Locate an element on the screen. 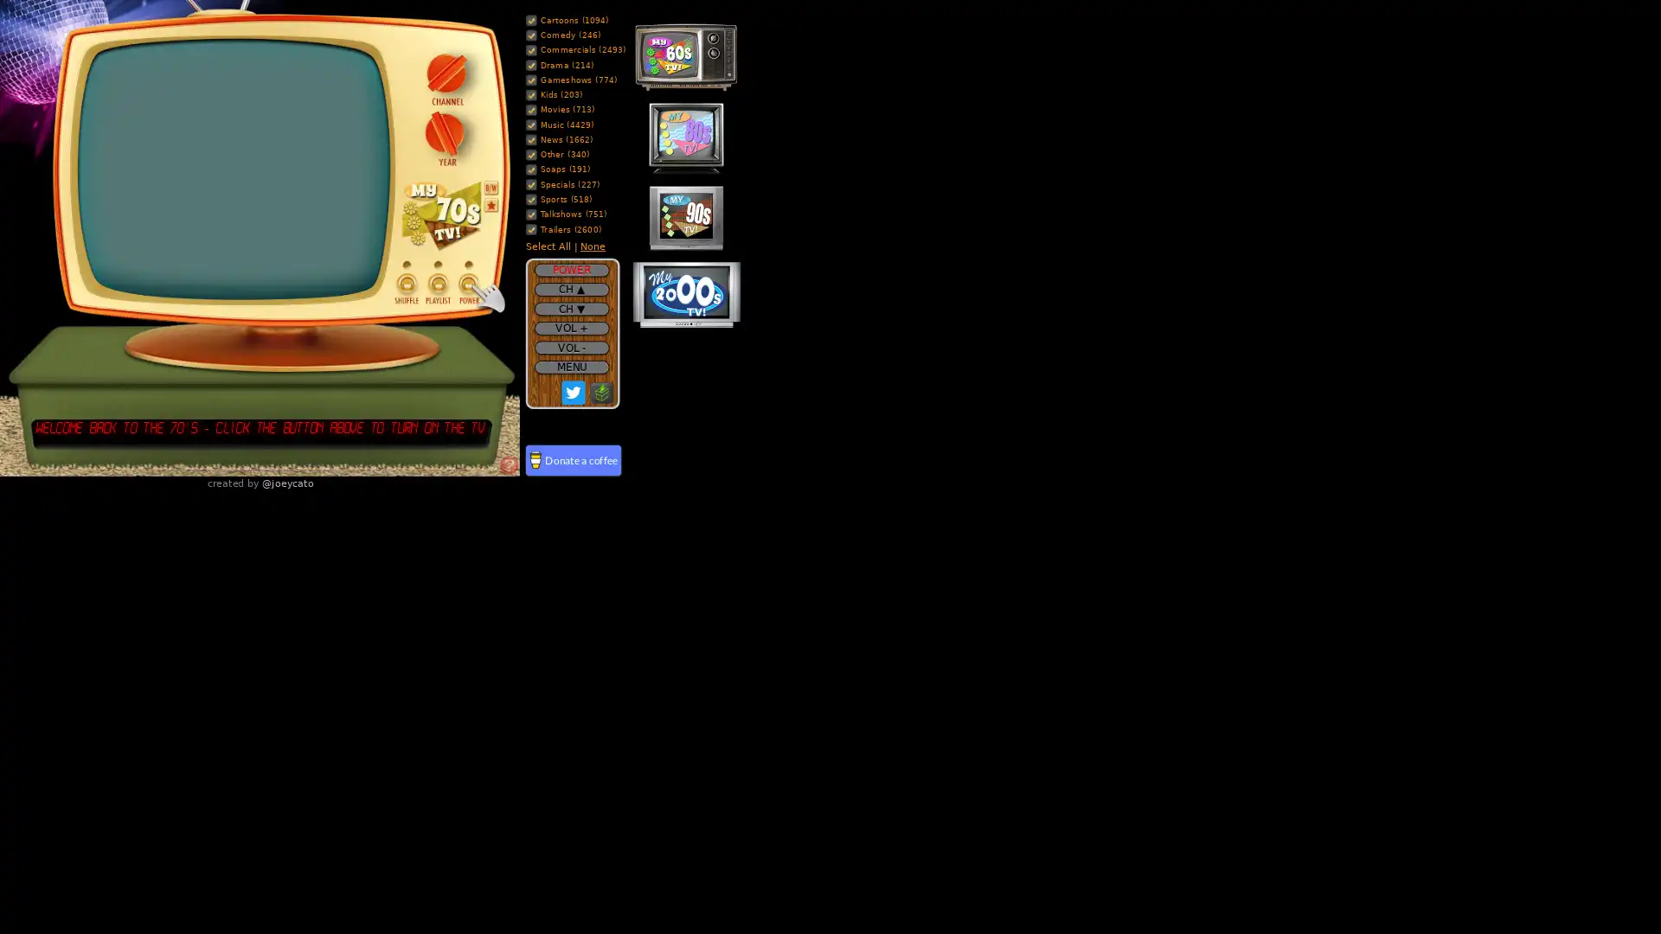 Image resolution: width=1661 pixels, height=934 pixels. VOL - is located at coordinates (572, 347).